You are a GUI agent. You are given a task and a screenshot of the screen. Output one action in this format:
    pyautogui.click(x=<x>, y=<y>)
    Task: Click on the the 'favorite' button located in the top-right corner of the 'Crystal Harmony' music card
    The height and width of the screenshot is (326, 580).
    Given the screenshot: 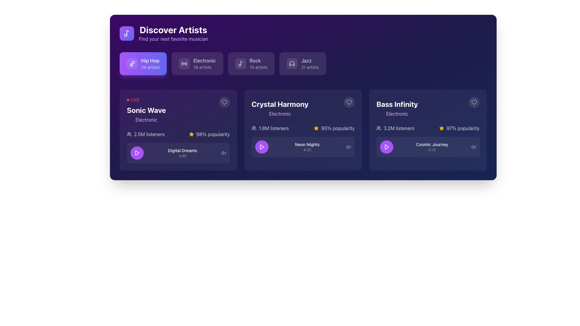 What is the action you would take?
    pyautogui.click(x=349, y=102)
    